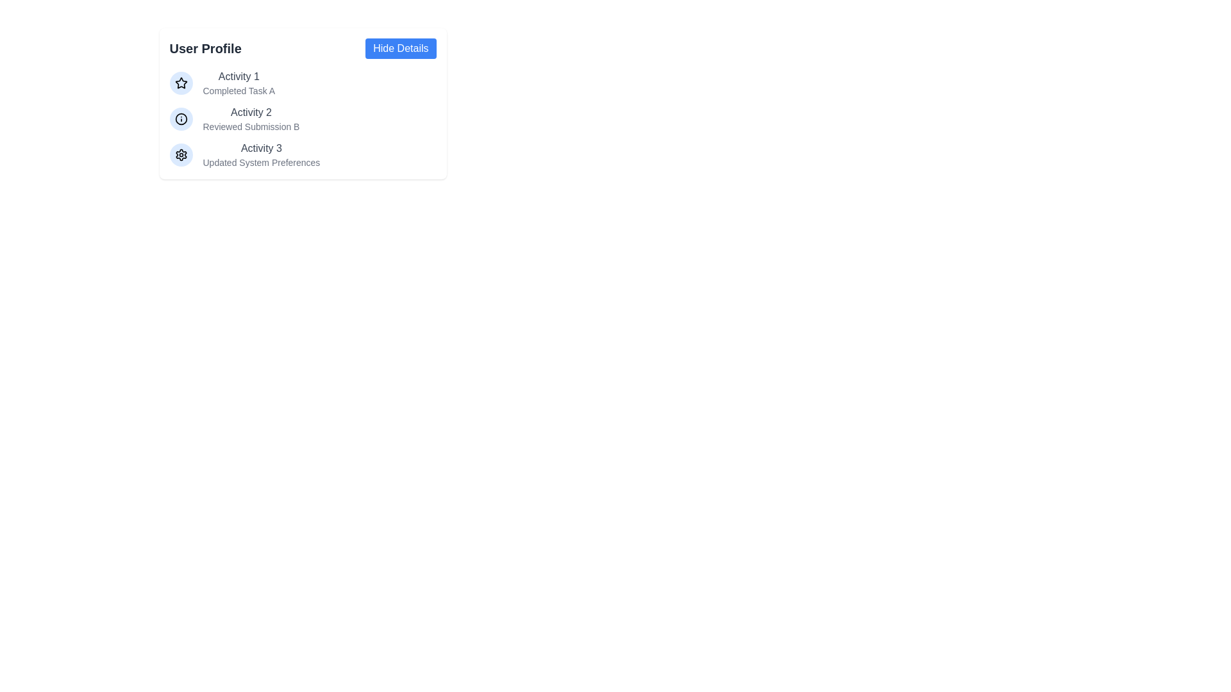 The image size is (1231, 692). What do you see at coordinates (180, 154) in the screenshot?
I see `the settings icon located in the top right corner of the interface` at bounding box center [180, 154].